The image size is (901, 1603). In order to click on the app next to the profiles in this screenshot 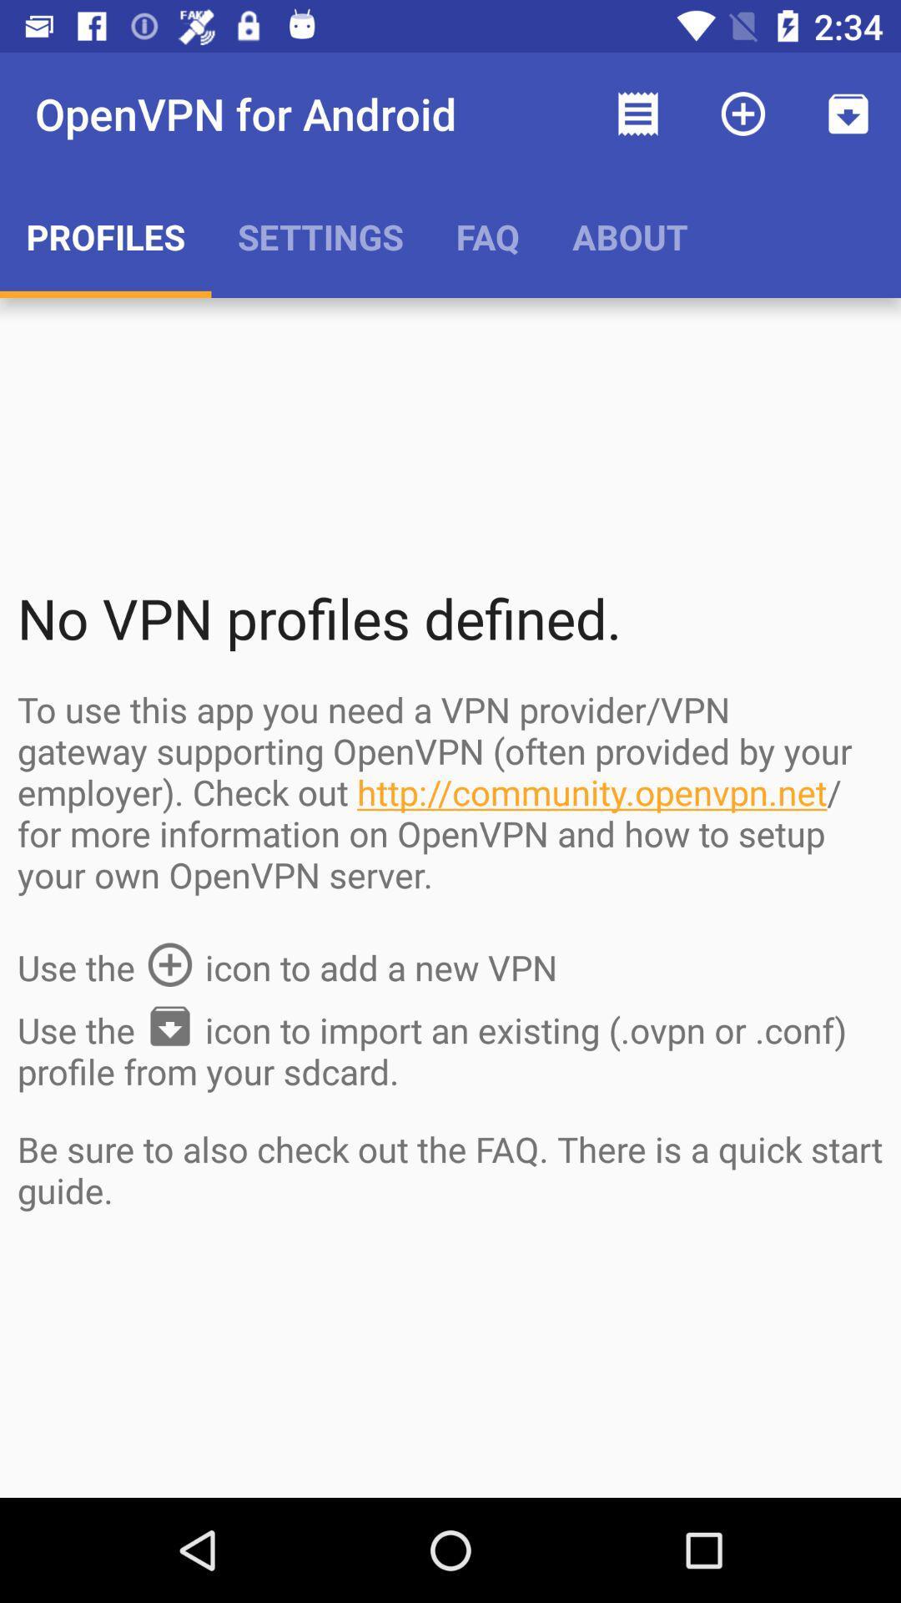, I will do `click(320, 235)`.